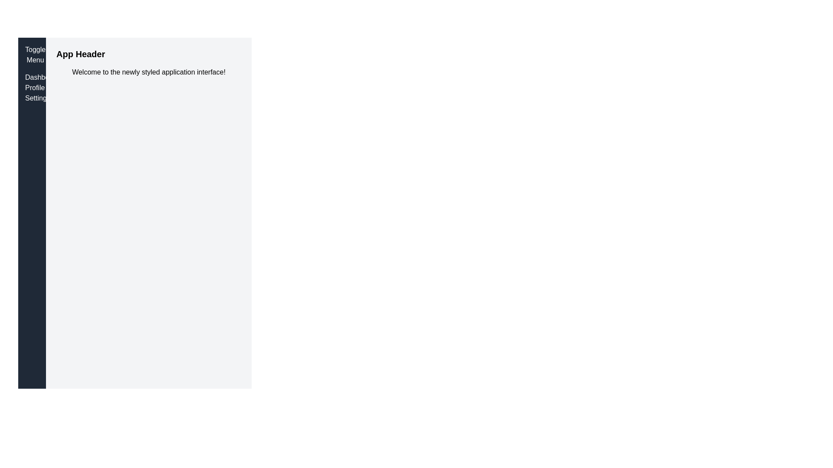 The height and width of the screenshot is (468, 833). I want to click on the toggle button at the top of the vertical sidebar on the left, so click(35, 55).